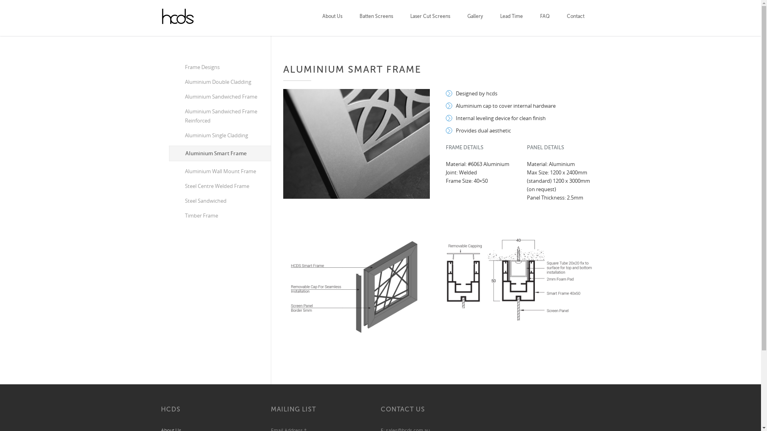  What do you see at coordinates (219, 135) in the screenshot?
I see `'Aluminium Single Cladding'` at bounding box center [219, 135].